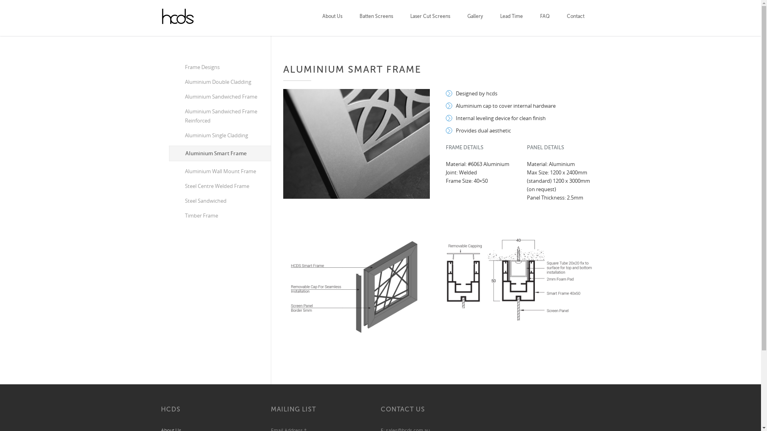  What do you see at coordinates (219, 135) in the screenshot?
I see `'Aluminium Single Cladding'` at bounding box center [219, 135].